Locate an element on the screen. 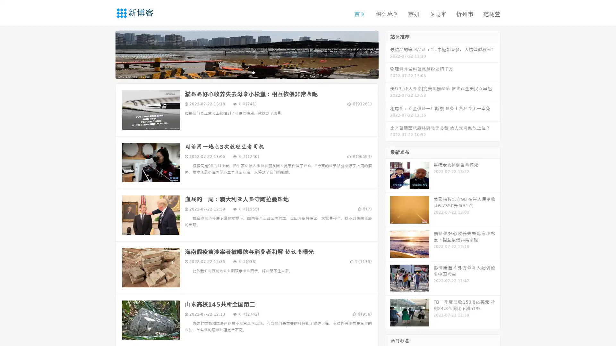 The width and height of the screenshot is (616, 346). Go to slide 3 is located at coordinates (253, 72).